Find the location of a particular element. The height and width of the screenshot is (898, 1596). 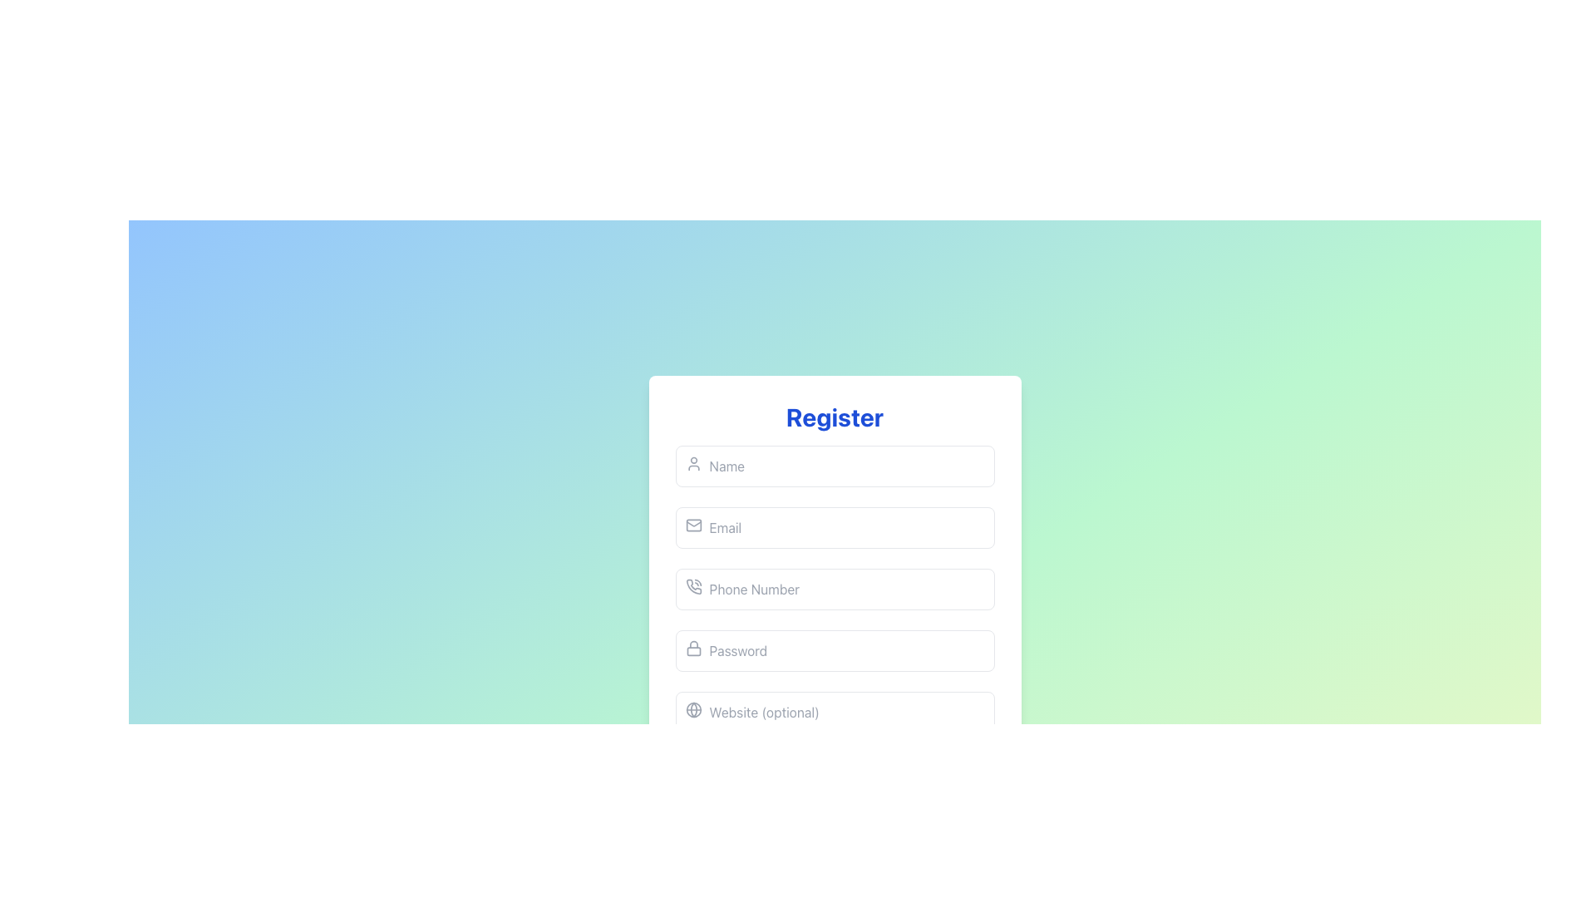

the telephone receiver icon with circular signal waves, which is located to the left of the 'Phone Number' input field within the form group is located at coordinates (693, 585).